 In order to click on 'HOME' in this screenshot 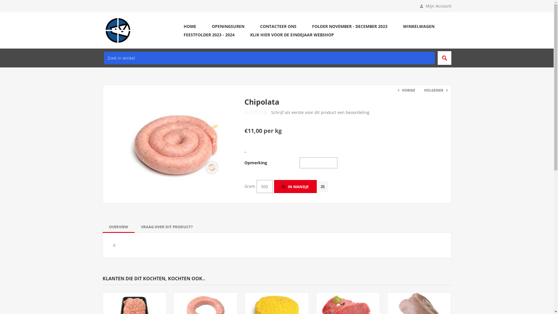, I will do `click(189, 26)`.